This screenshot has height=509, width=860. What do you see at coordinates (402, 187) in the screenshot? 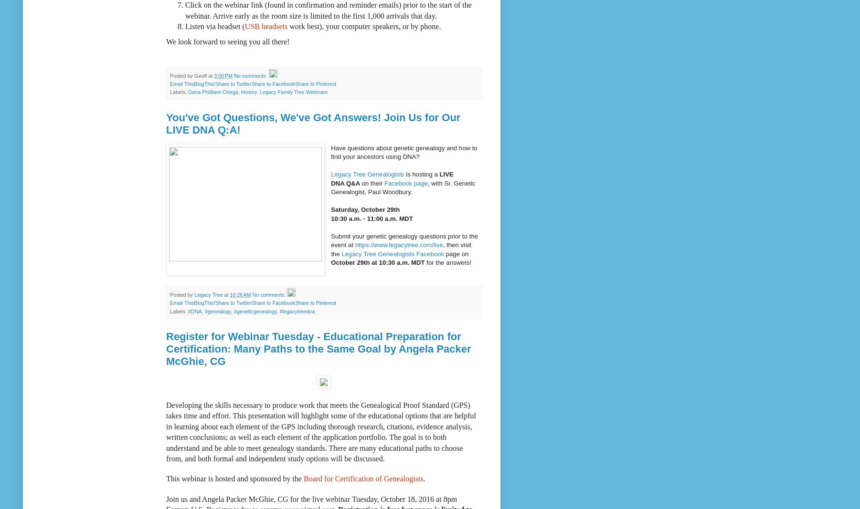
I see `', with Sr. Genetic Genealogist, Paul Woodbury.'` at bounding box center [402, 187].